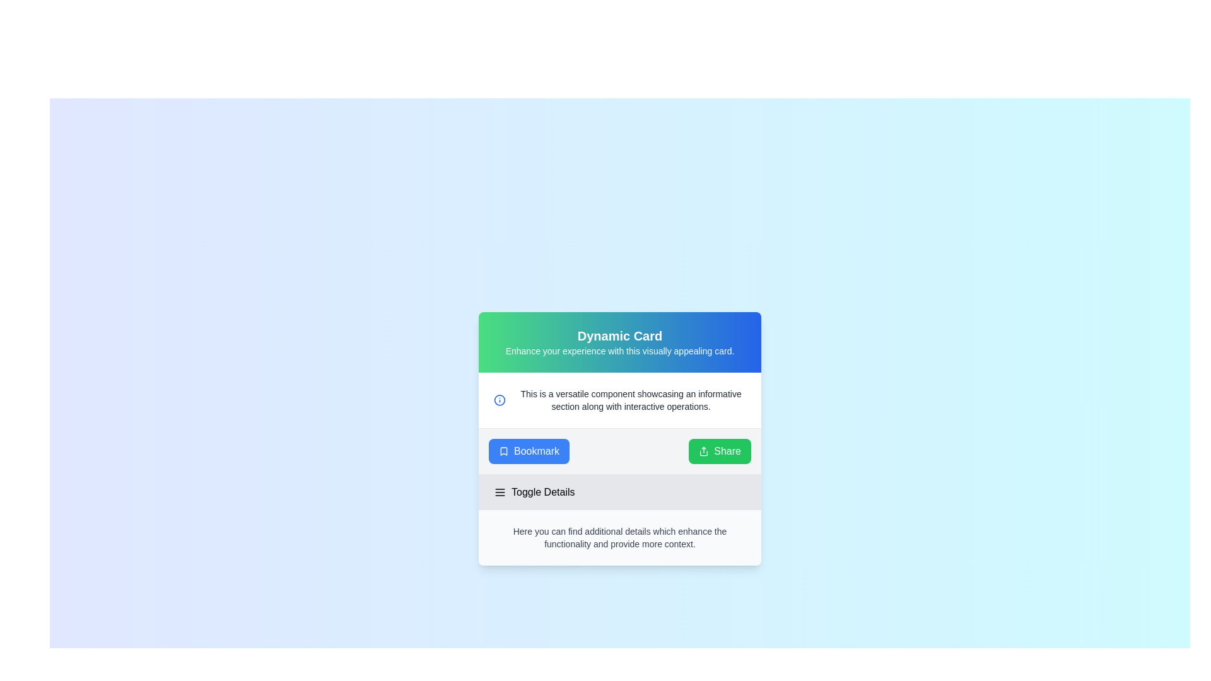 The width and height of the screenshot is (1211, 681). Describe the element at coordinates (620, 537) in the screenshot. I see `supplementary details presented in the text block located at the bottom of the card interface, directly below the 'Toggle Details' row` at that location.